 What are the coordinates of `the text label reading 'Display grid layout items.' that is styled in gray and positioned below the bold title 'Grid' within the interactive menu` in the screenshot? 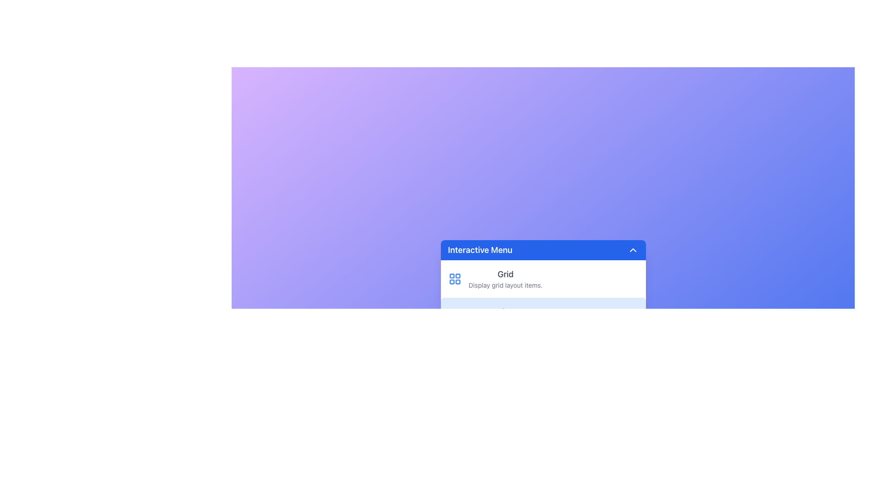 It's located at (505, 285).